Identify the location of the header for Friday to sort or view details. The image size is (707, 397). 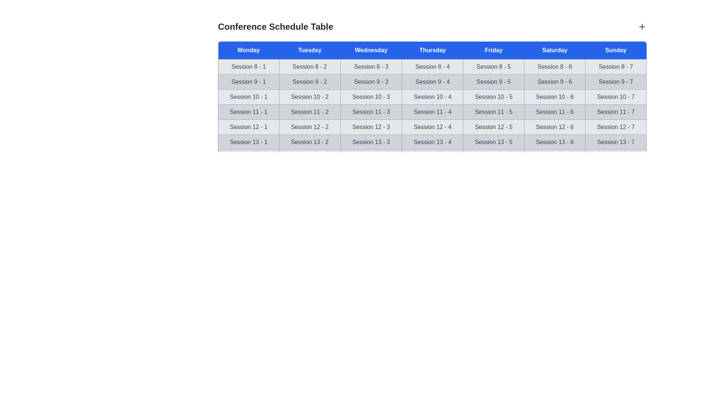
(493, 50).